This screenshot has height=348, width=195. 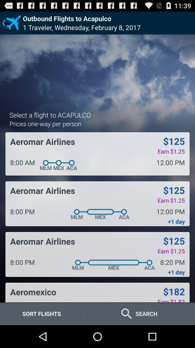 I want to click on the icon above the prices one way item, so click(x=49, y=115).